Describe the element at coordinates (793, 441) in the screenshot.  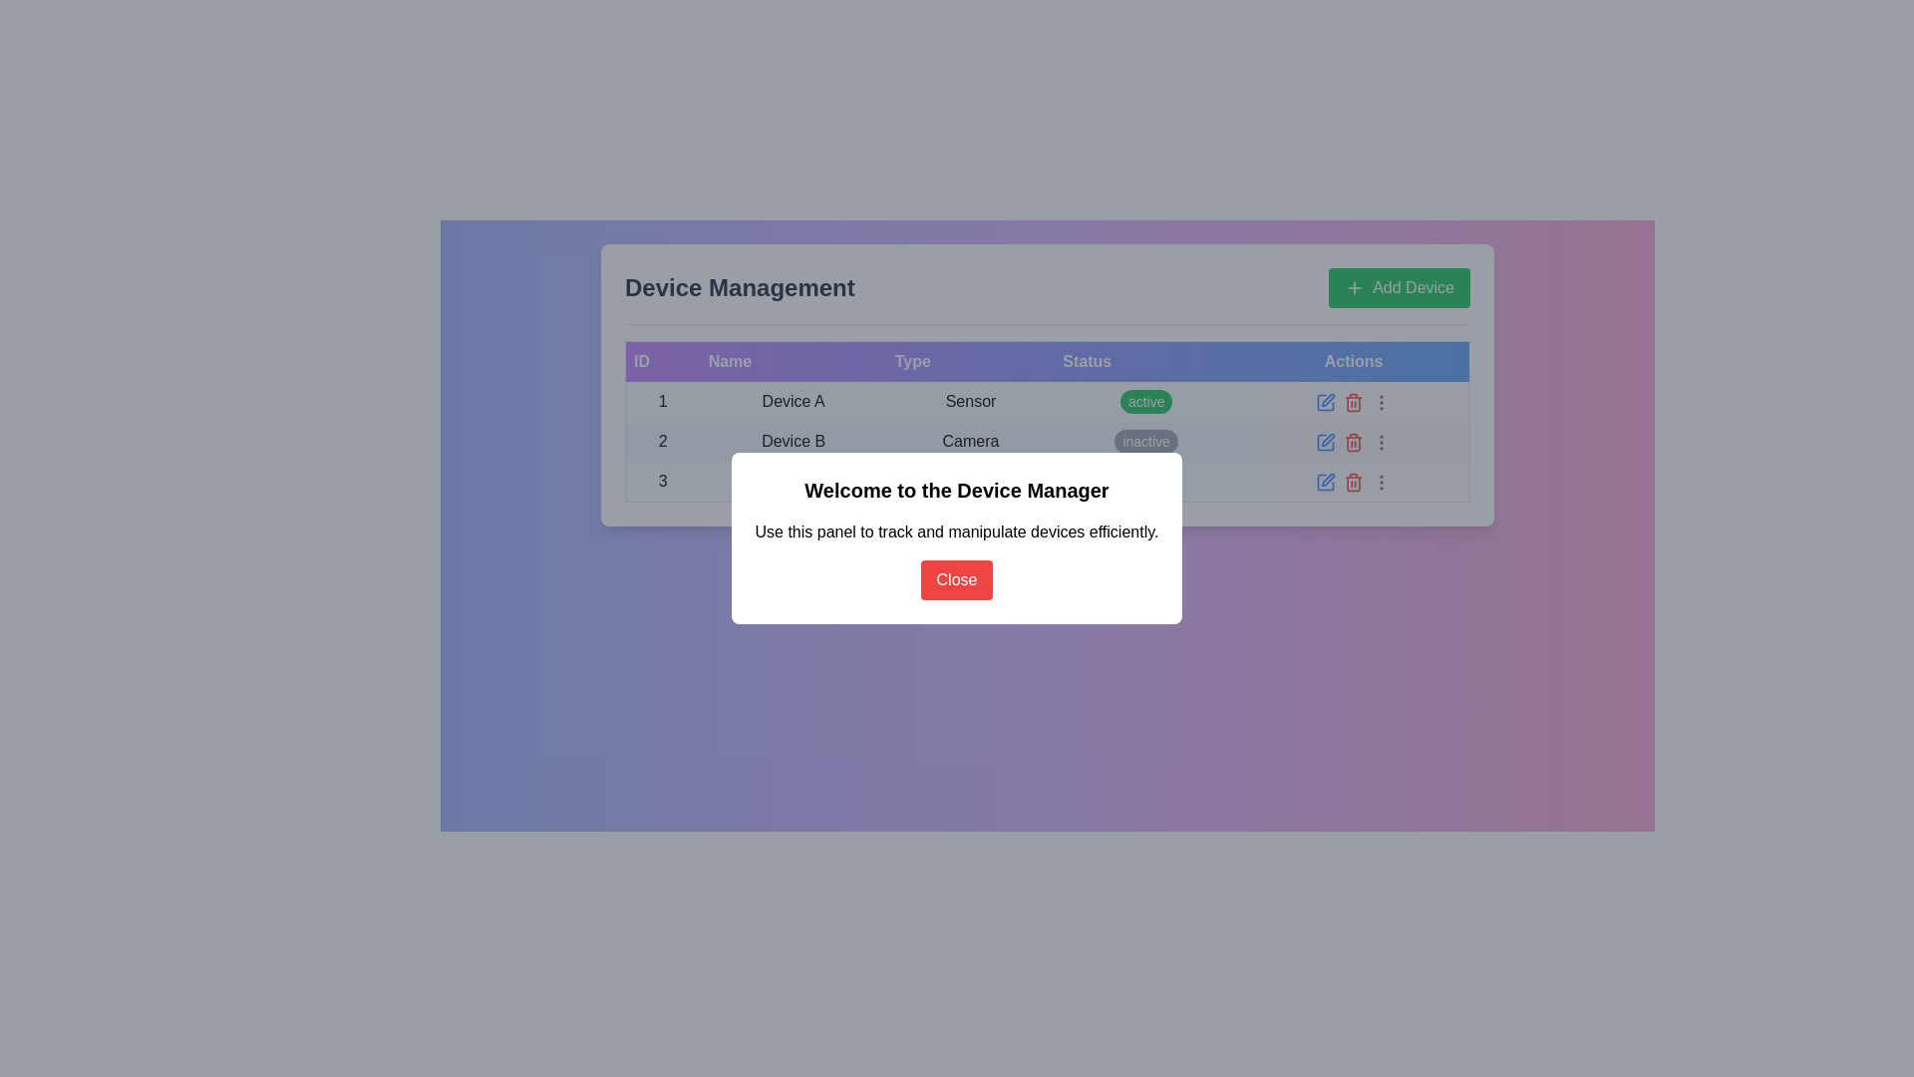
I see `the Text label displaying the name of the device, which is the second entry in the 'Name' column of the device management table, located between the ID '2' and the 'Type' column entry 'Camera'` at that location.